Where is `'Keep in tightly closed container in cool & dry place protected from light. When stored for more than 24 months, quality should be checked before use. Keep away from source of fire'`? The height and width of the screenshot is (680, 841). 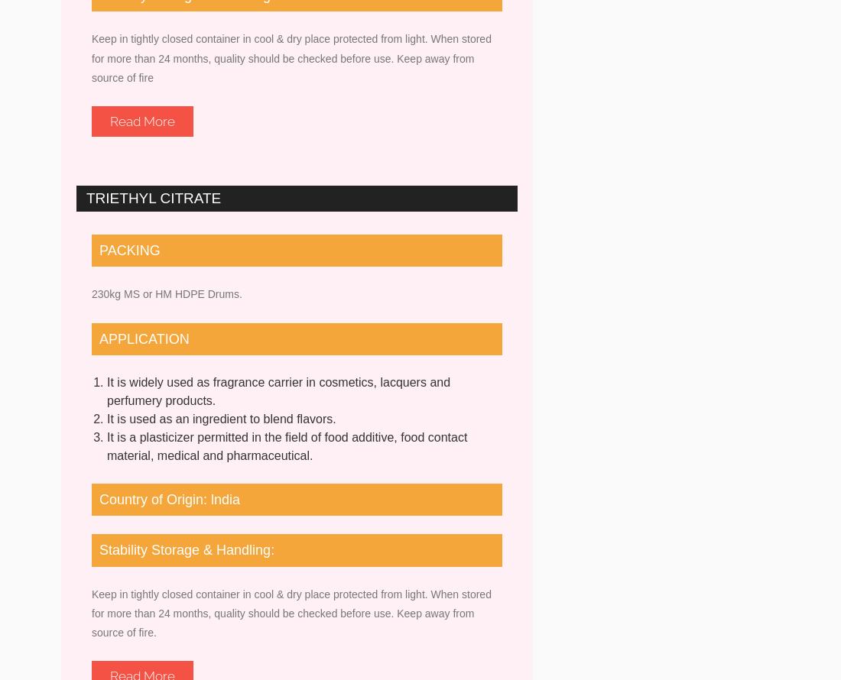
'Keep in tightly closed container in cool & dry place protected from light. When stored for more than 24 months, quality should be checked before use. Keep away from source of fire' is located at coordinates (291, 57).